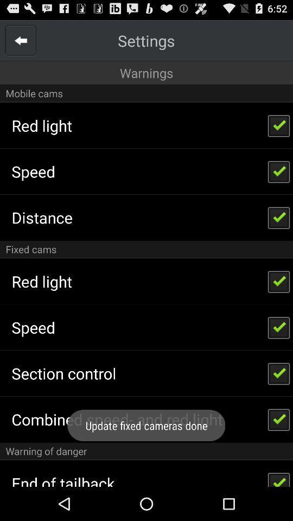 This screenshot has height=521, width=293. What do you see at coordinates (279, 373) in the screenshot?
I see `the option beside section control` at bounding box center [279, 373].